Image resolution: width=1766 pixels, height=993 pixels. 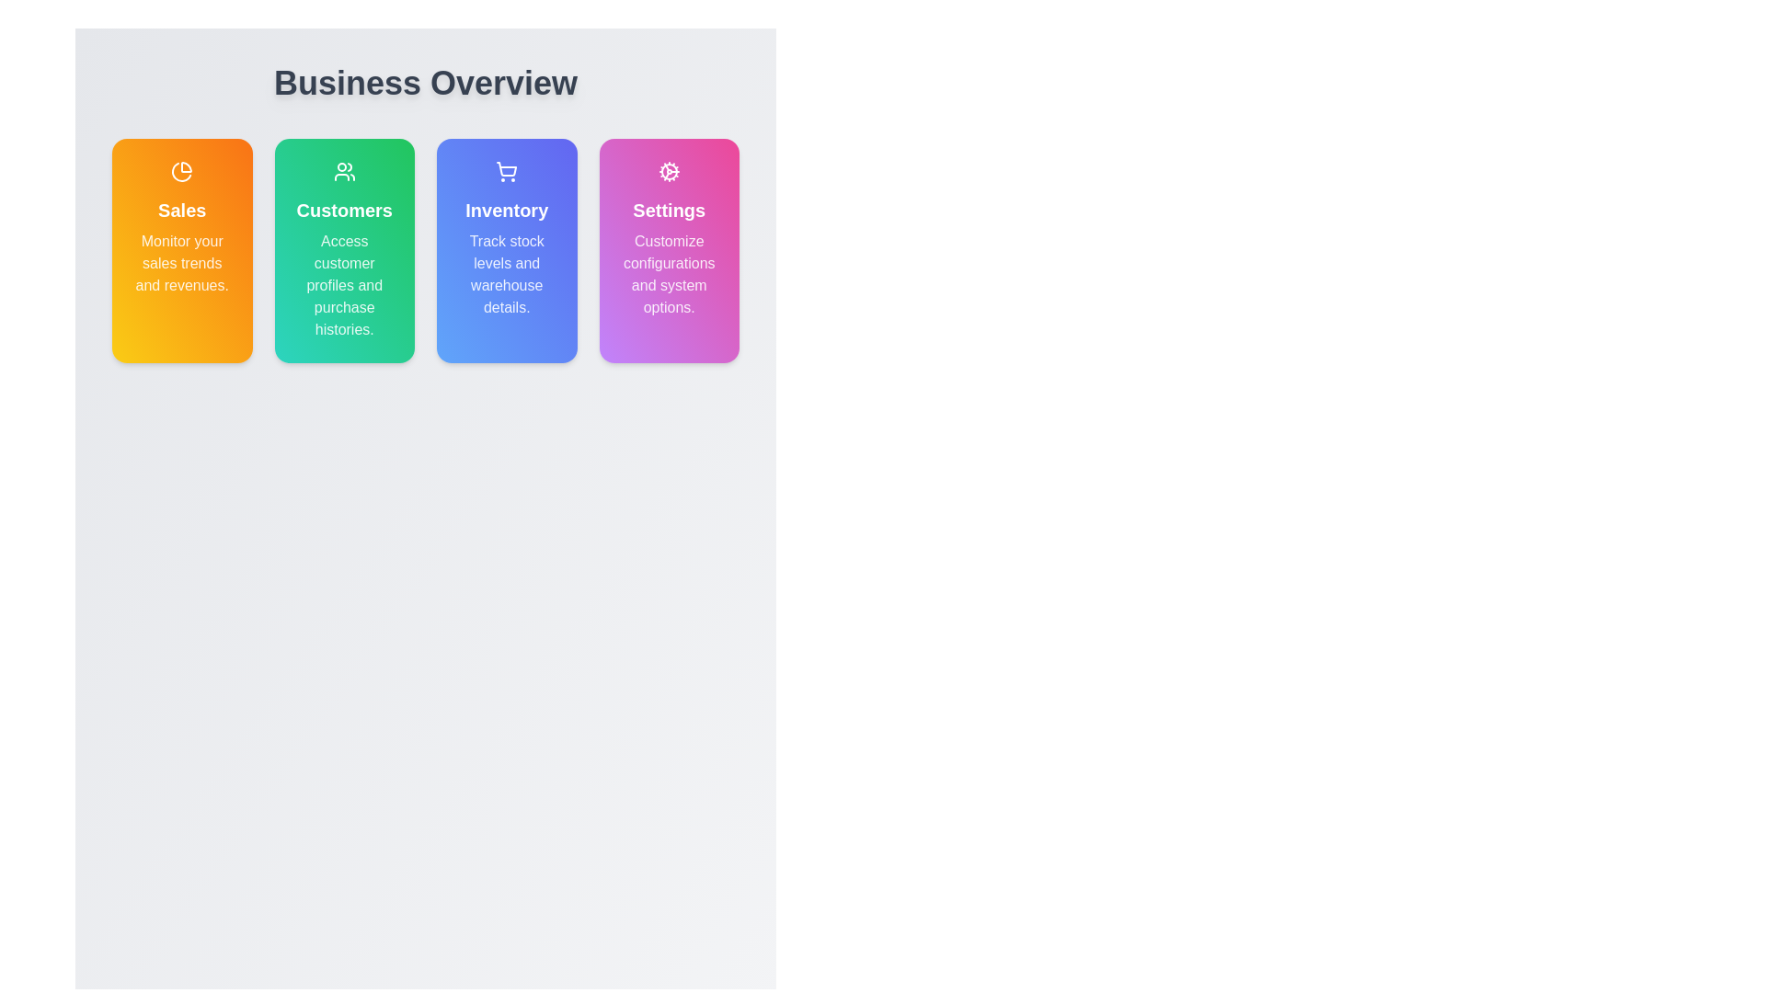 What do you see at coordinates (344, 286) in the screenshot?
I see `text block that contains 'Access customer profiles and purchase histories.' located within the green card labeled 'Customers.'` at bounding box center [344, 286].